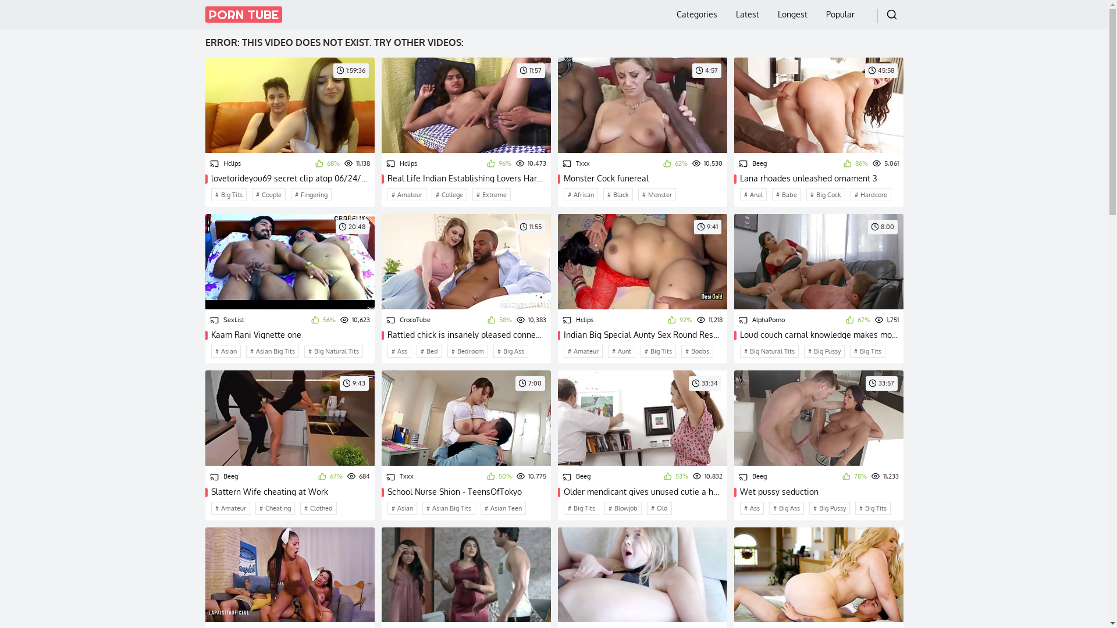  I want to click on 'Babe', so click(785, 194).